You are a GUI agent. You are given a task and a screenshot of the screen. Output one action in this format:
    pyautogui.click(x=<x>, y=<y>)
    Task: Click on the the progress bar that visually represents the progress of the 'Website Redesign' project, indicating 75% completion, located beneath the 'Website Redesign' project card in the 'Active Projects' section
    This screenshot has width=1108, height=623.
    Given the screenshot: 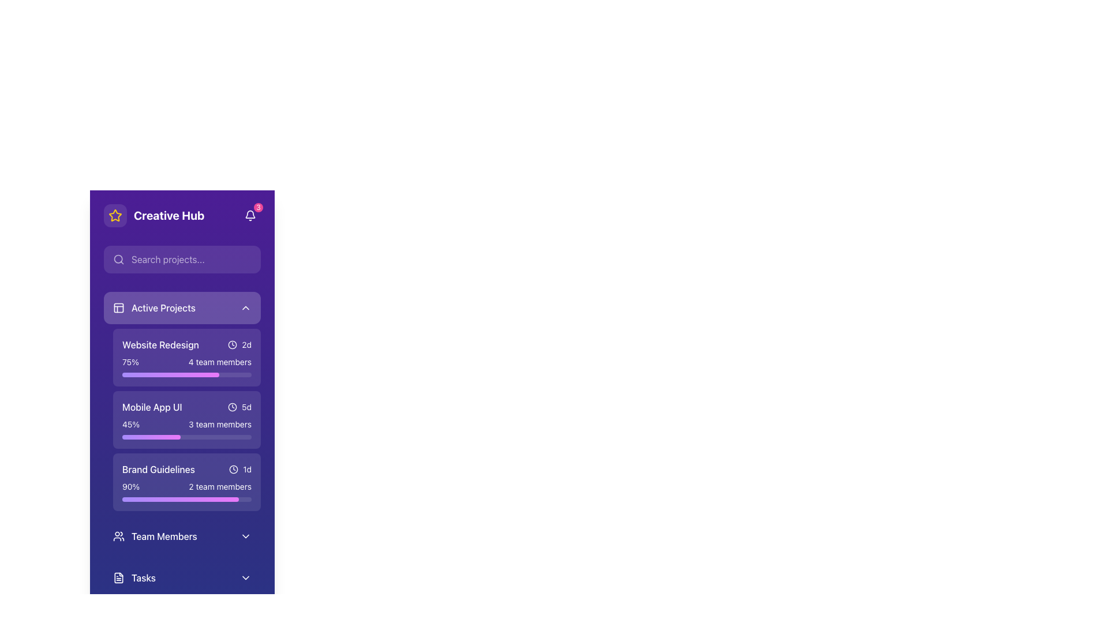 What is the action you would take?
    pyautogui.click(x=170, y=375)
    